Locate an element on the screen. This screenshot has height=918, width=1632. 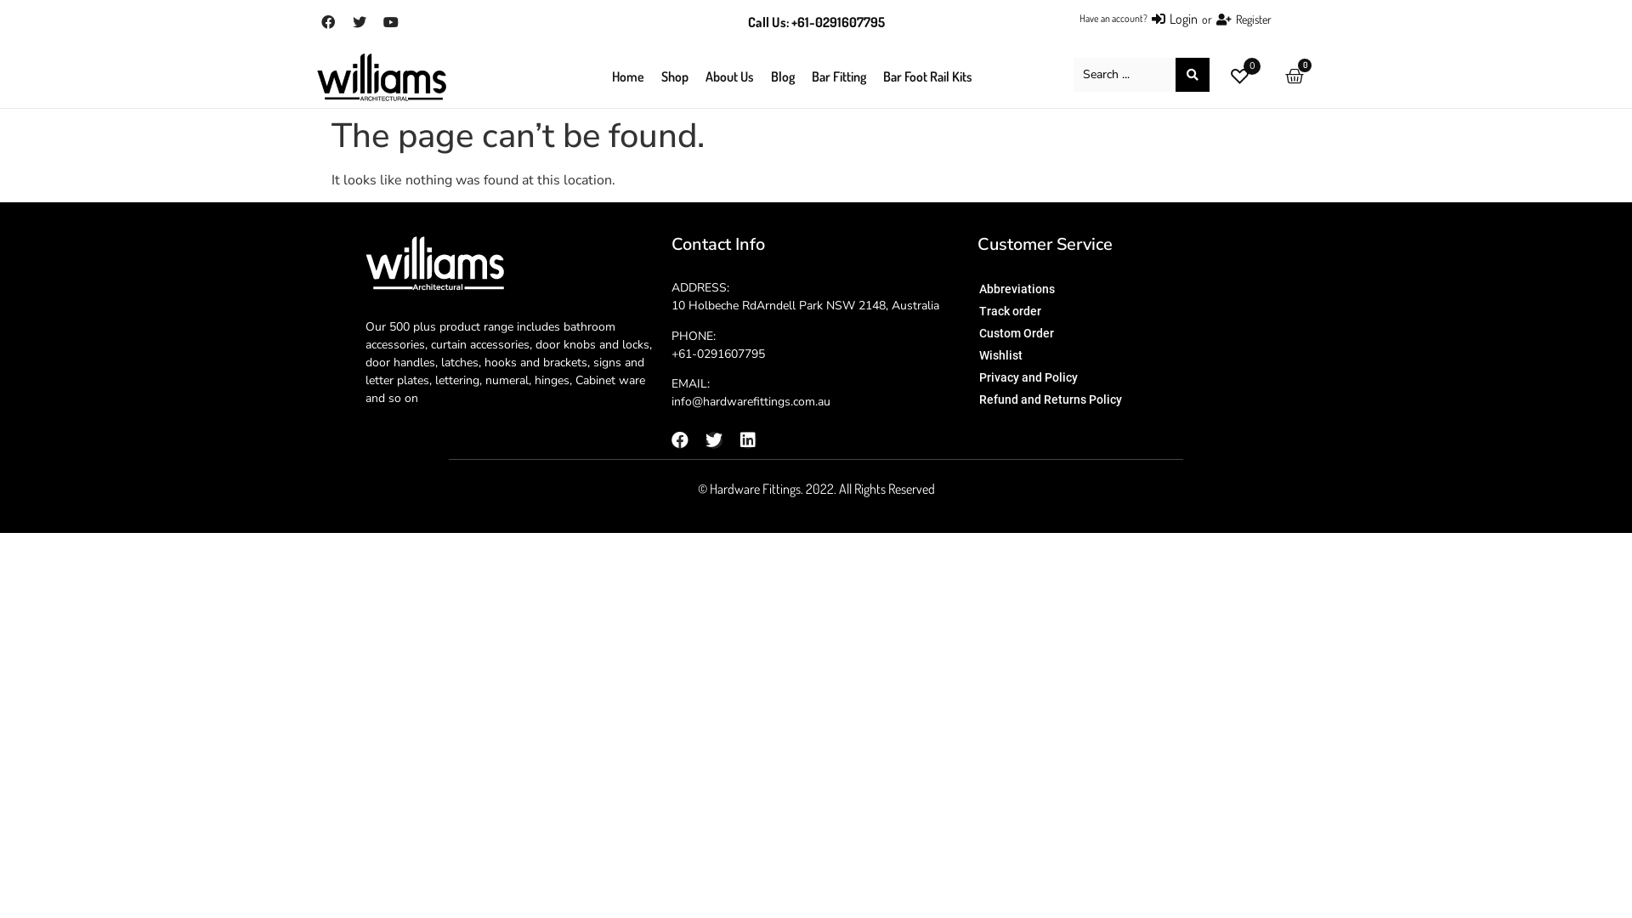
'Register' is located at coordinates (1244, 19).